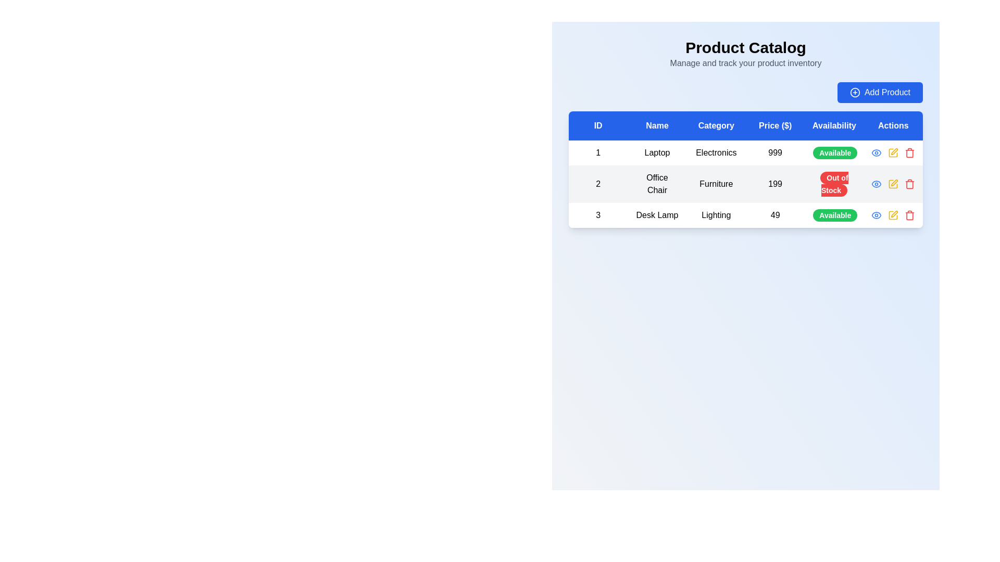 Image resolution: width=1000 pixels, height=562 pixels. What do you see at coordinates (834, 152) in the screenshot?
I see `text from the green pill-shaped badge labeled 'Available' in the first row of the product table for the item 'Laptop'` at bounding box center [834, 152].